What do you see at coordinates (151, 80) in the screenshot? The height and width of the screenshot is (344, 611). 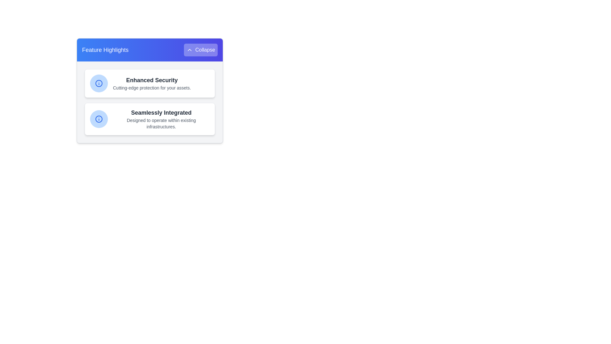 I see `the Text Label that serves as a title or header for the feature, positioned above a secondary text element under the 'Feature Highlights' section` at bounding box center [151, 80].